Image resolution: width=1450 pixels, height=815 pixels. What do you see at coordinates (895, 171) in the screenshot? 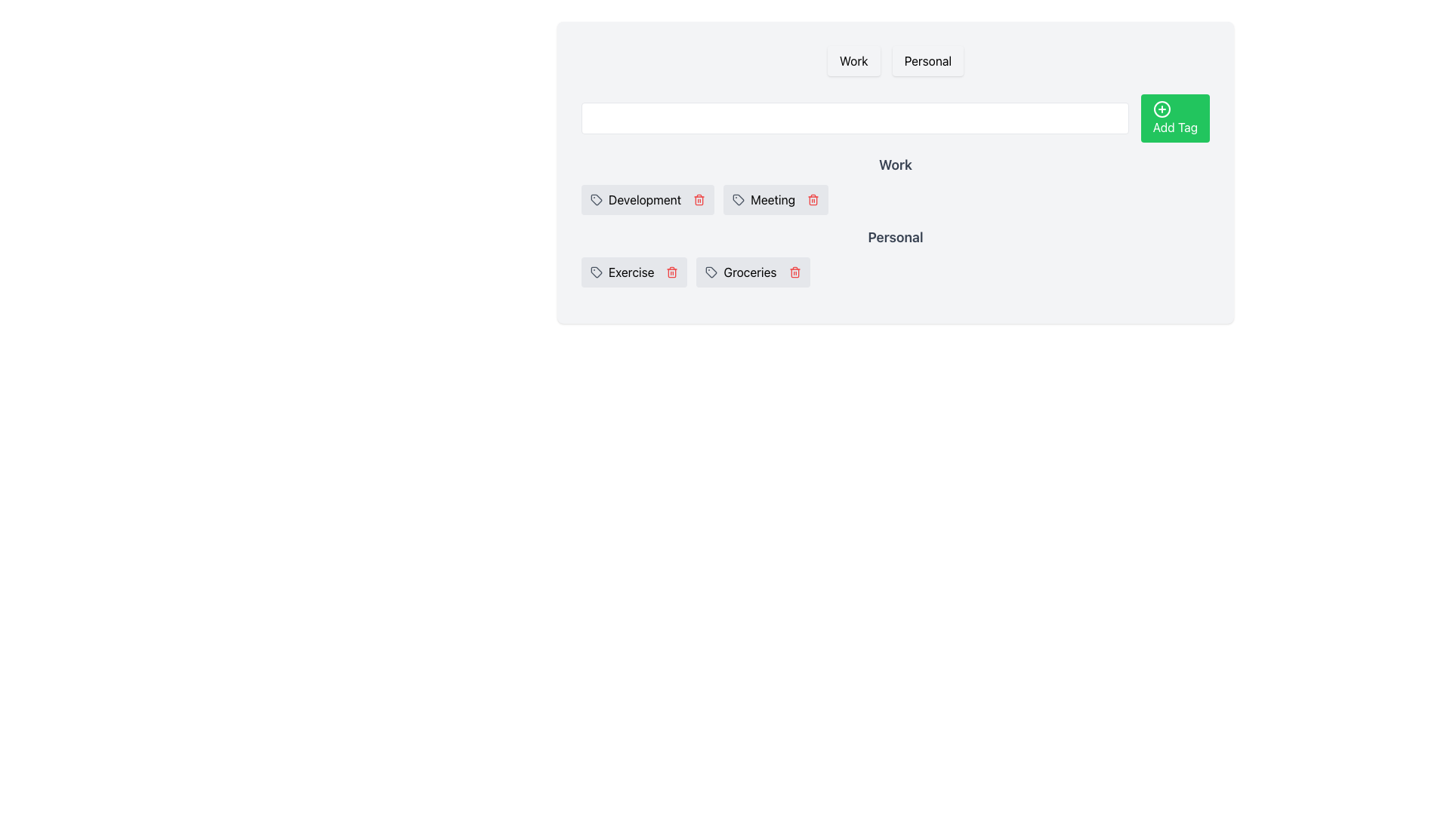
I see `the text label displaying the word 'Work', which is bold and centrally positioned above 'Personal' and below 'Add Tag'` at bounding box center [895, 171].